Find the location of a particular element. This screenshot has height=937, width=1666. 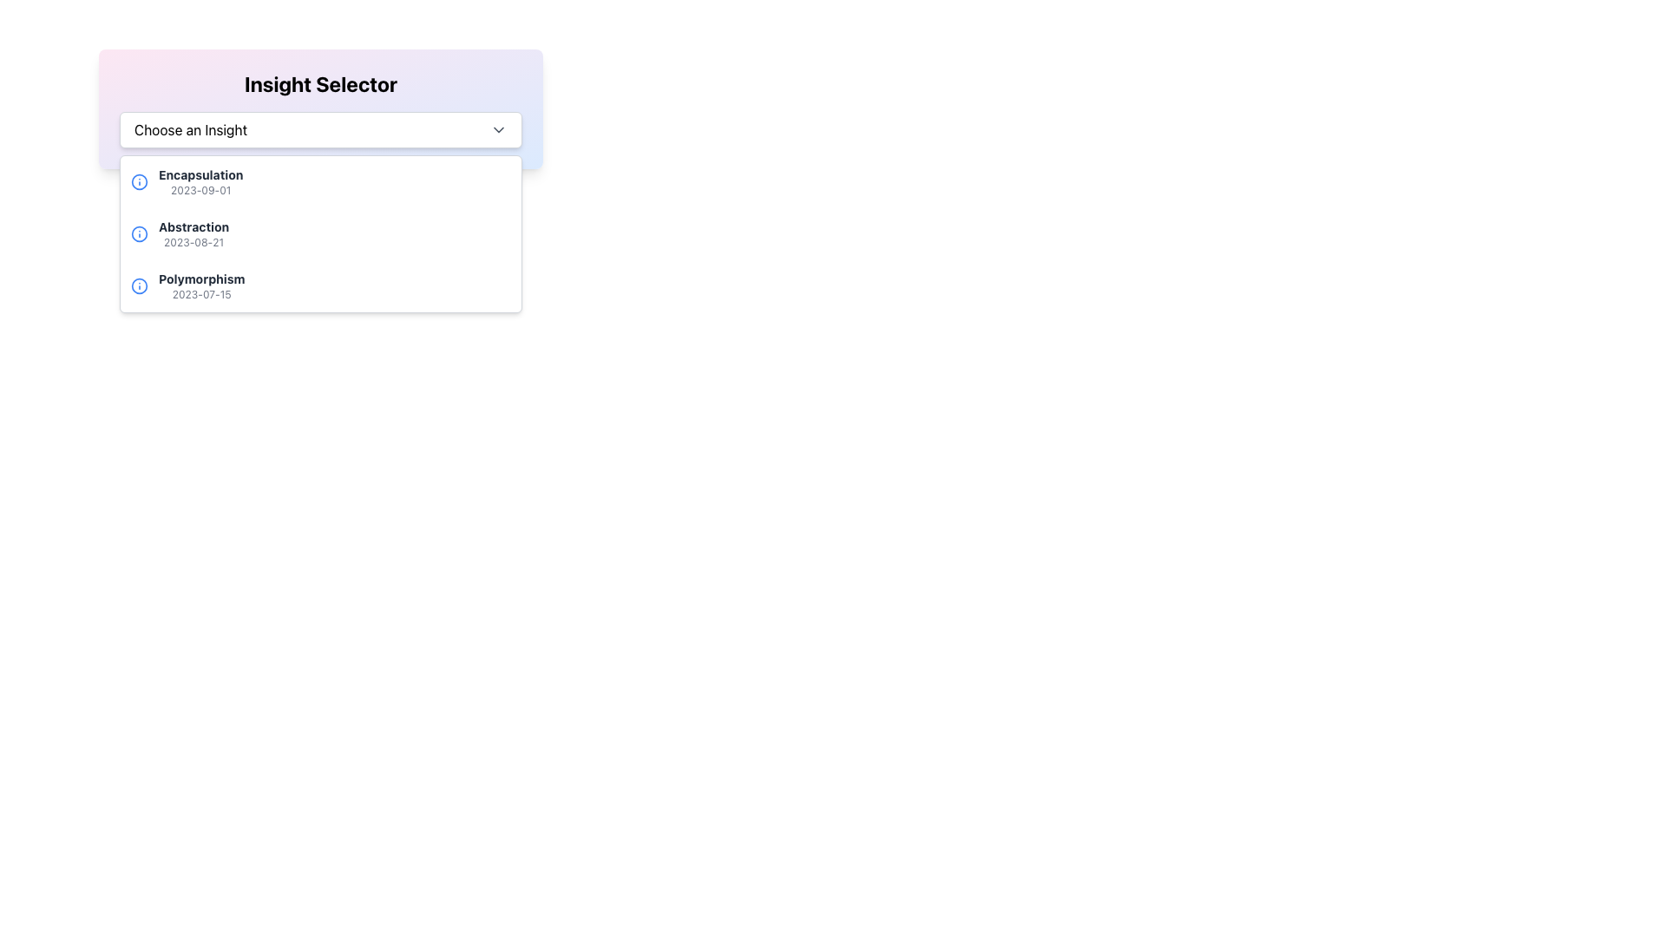

the second item in the 'Insight Selector' dropdown menu is located at coordinates (320, 234).